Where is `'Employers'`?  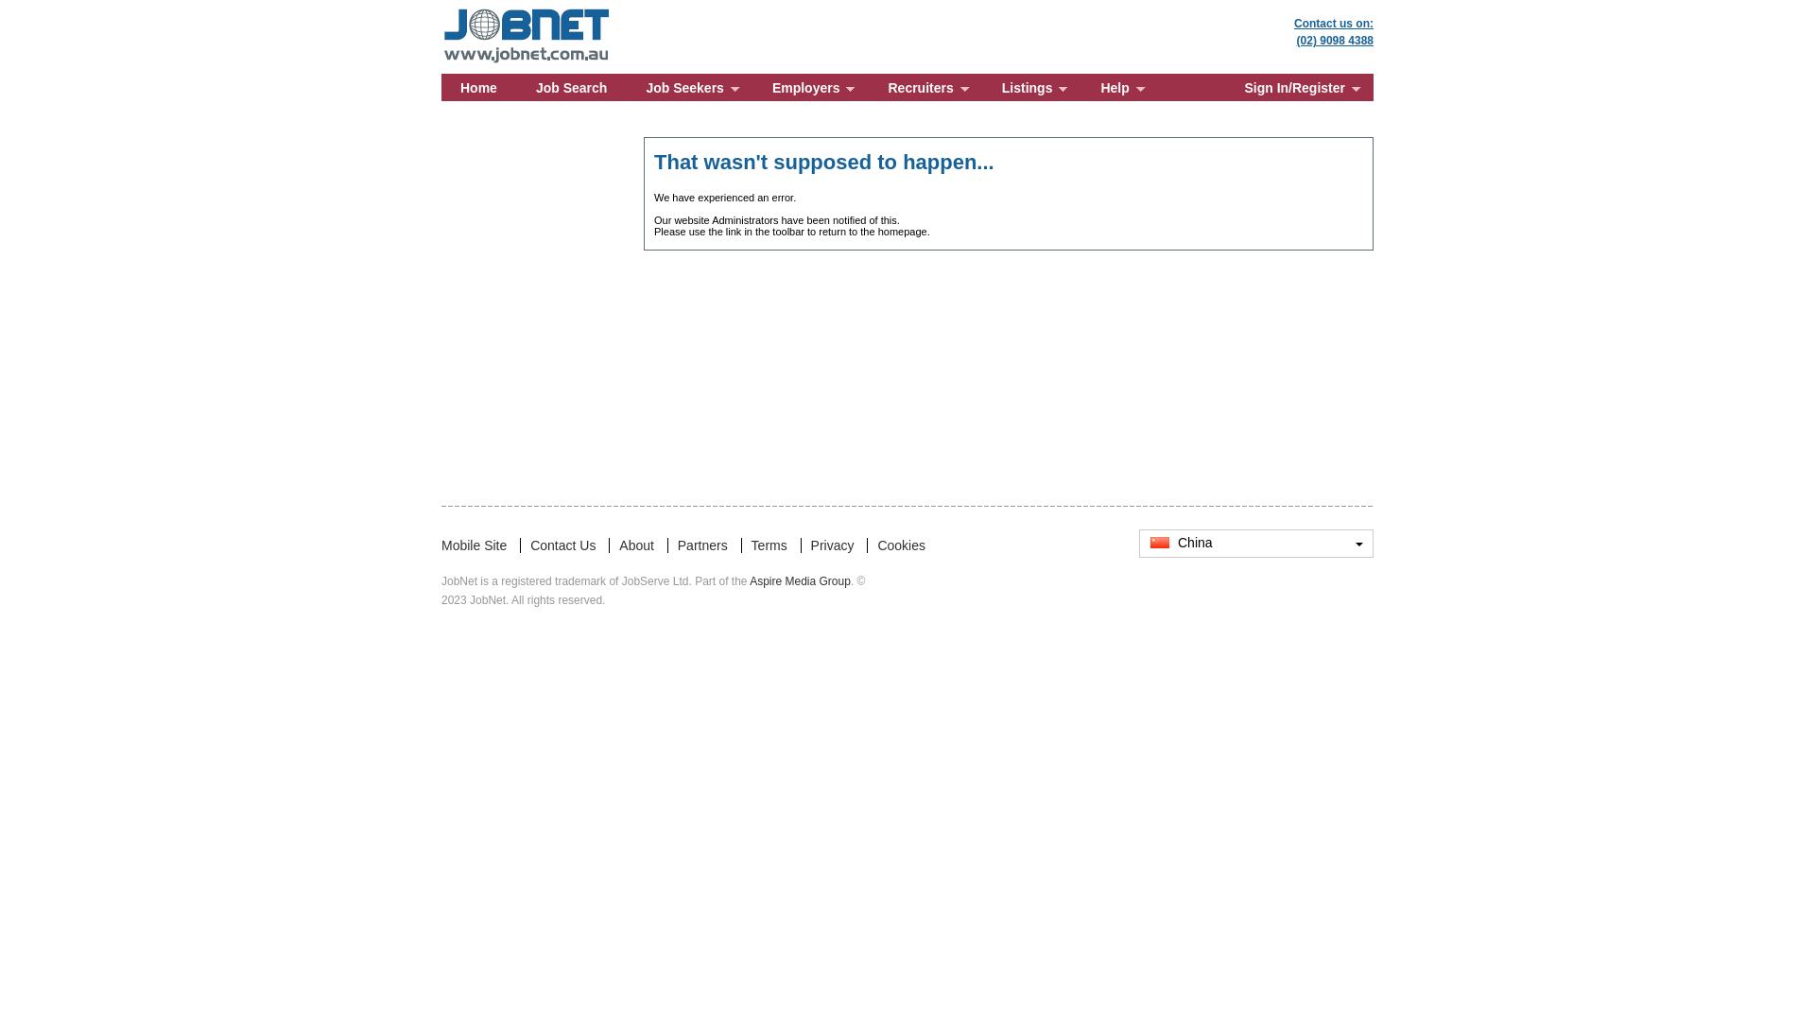
'Employers' is located at coordinates (811, 87).